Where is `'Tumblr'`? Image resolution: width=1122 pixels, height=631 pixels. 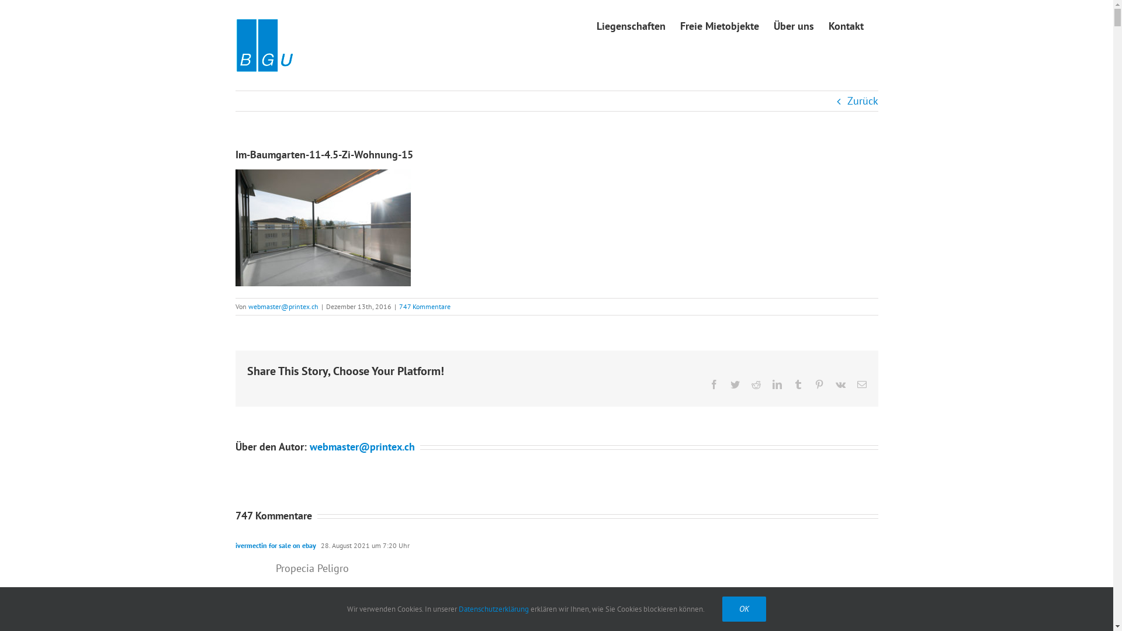
'Tumblr' is located at coordinates (798, 384).